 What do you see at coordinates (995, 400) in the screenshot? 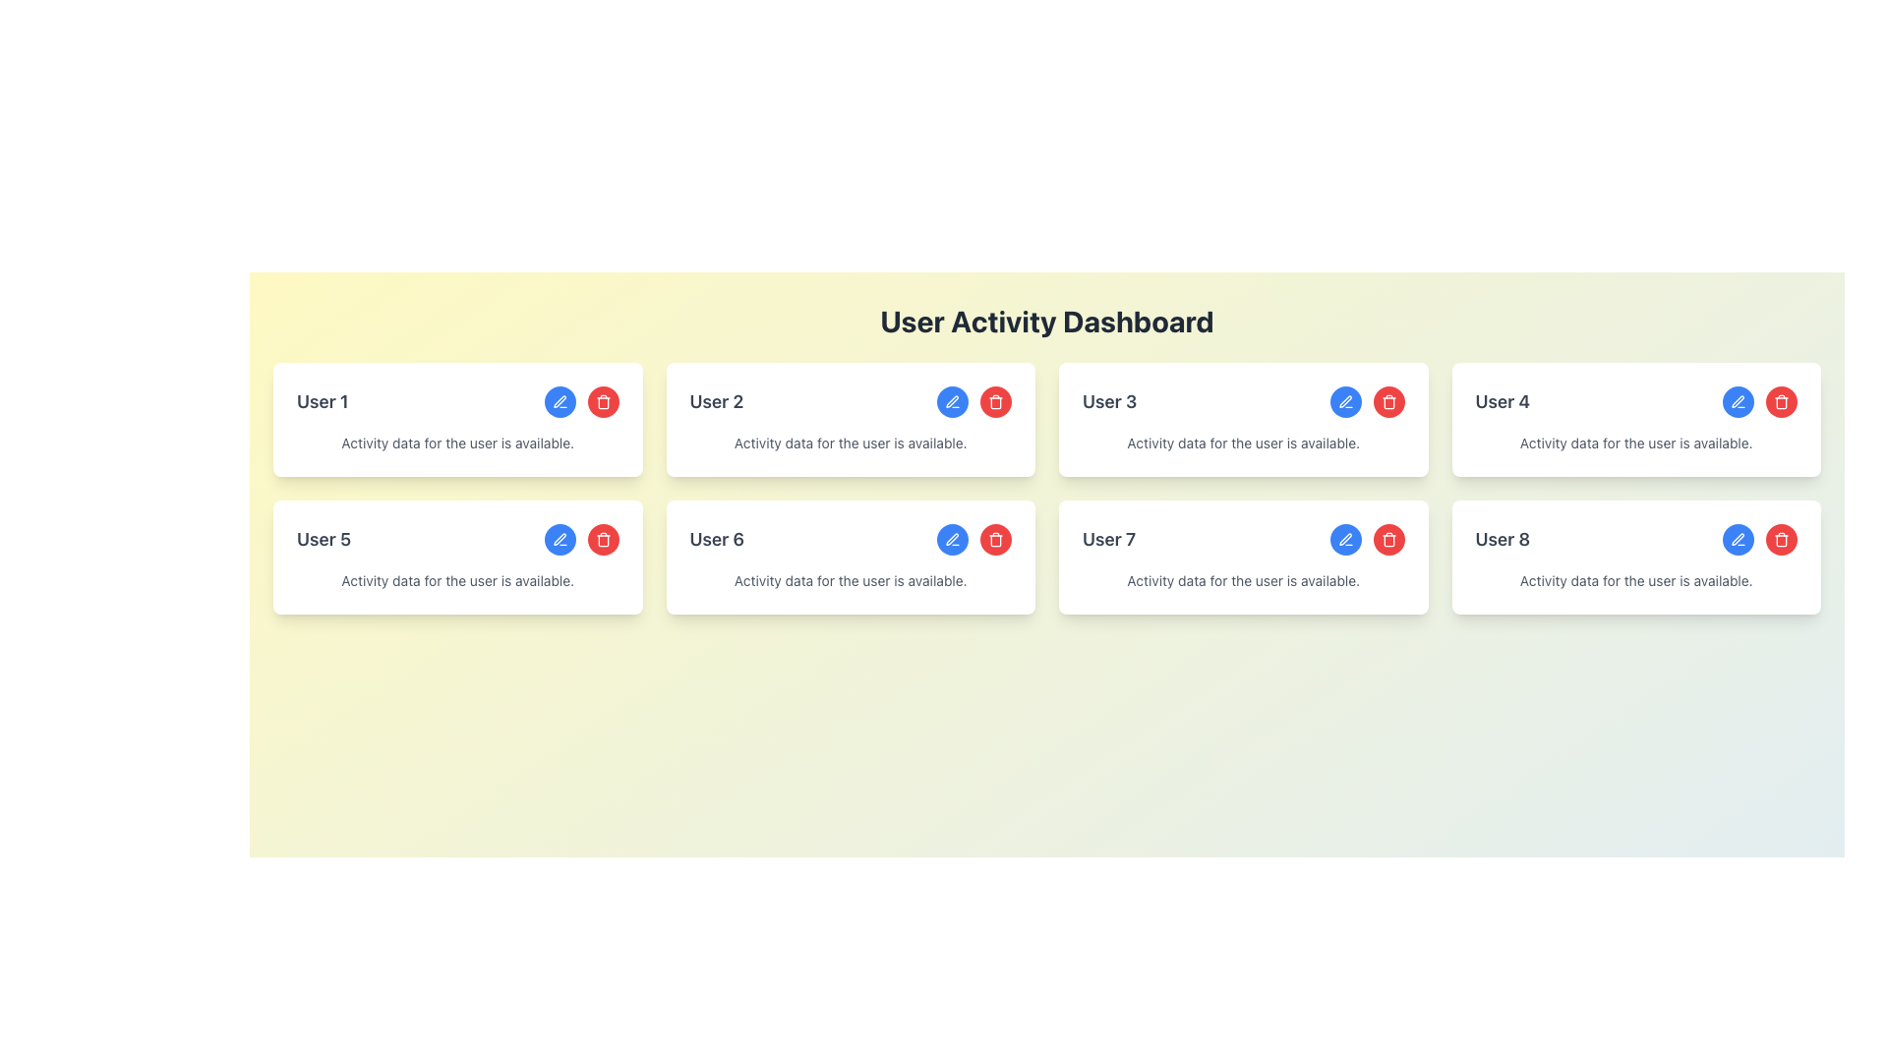
I see `the circular red button with a trash can icon located` at bounding box center [995, 400].